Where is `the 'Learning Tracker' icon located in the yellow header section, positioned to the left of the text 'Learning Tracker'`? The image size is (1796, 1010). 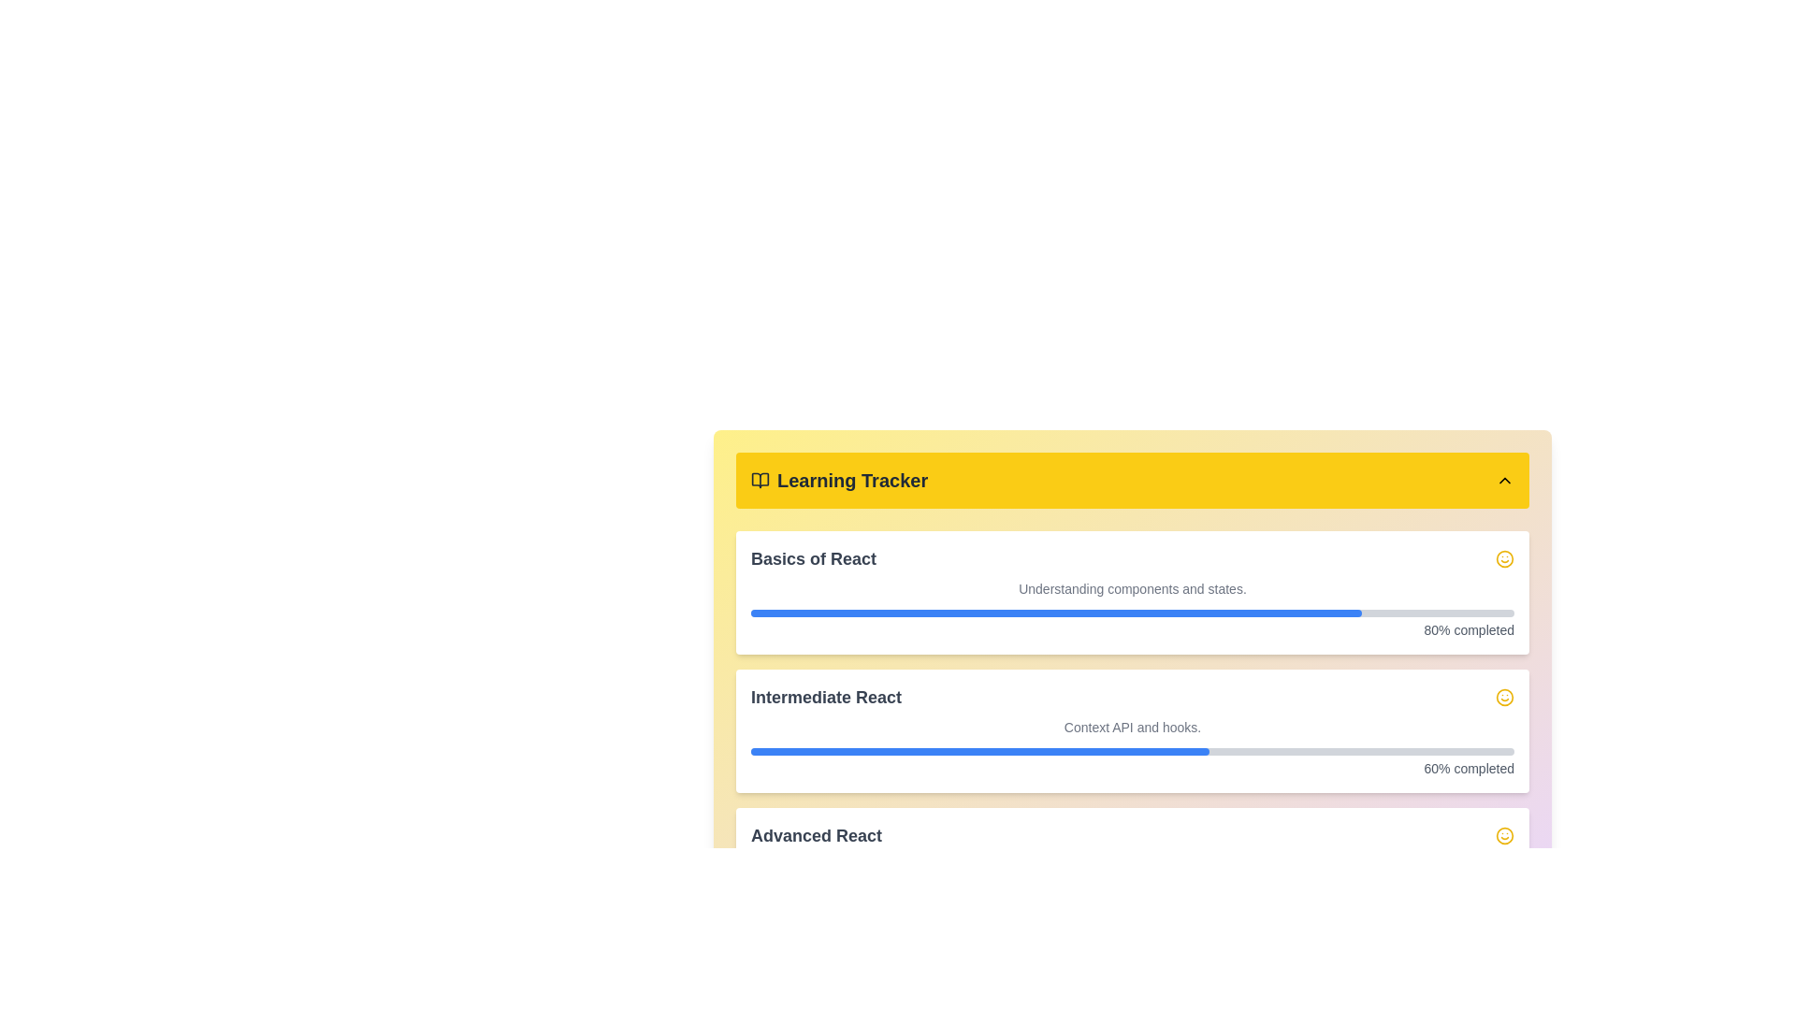
the 'Learning Tracker' icon located in the yellow header section, positioned to the left of the text 'Learning Tracker' is located at coordinates (760, 479).